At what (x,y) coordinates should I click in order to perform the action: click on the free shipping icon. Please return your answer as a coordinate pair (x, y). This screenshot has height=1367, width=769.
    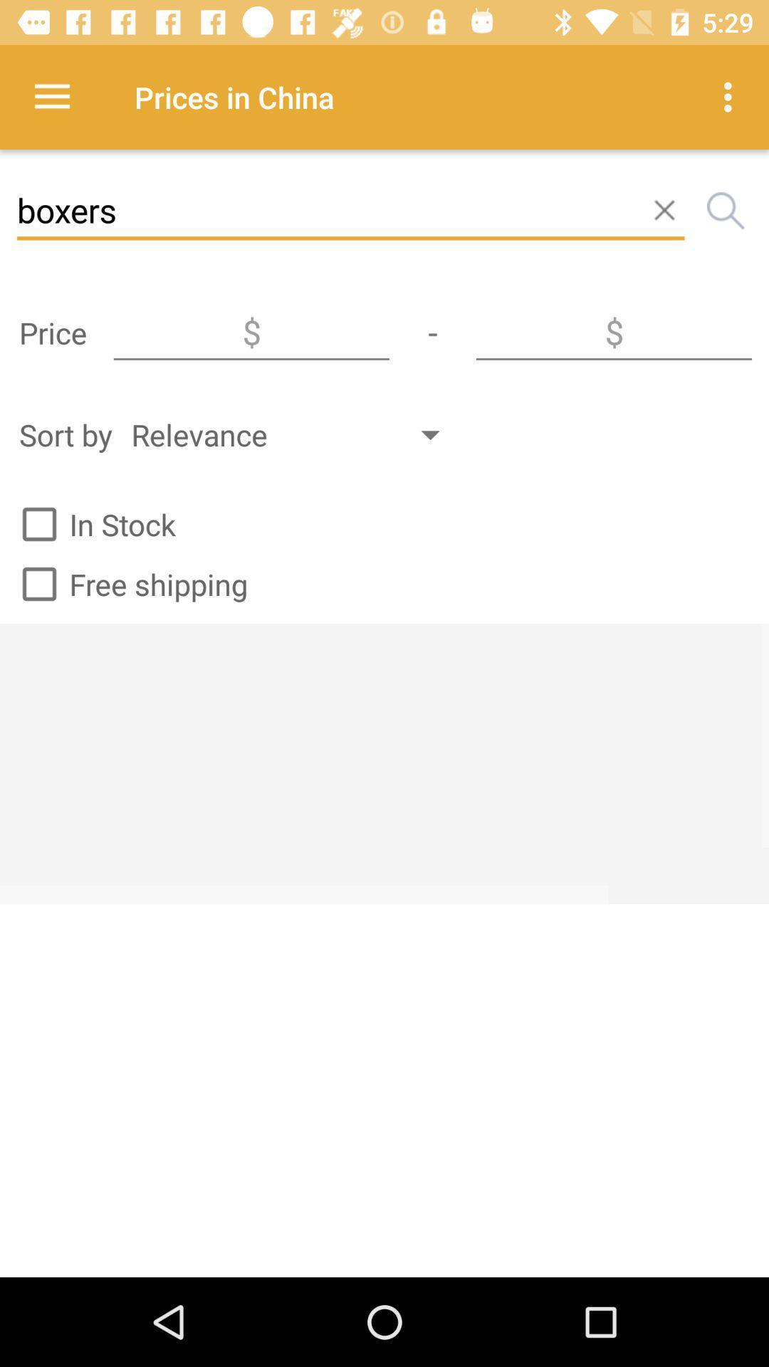
    Looking at the image, I should click on (128, 584).